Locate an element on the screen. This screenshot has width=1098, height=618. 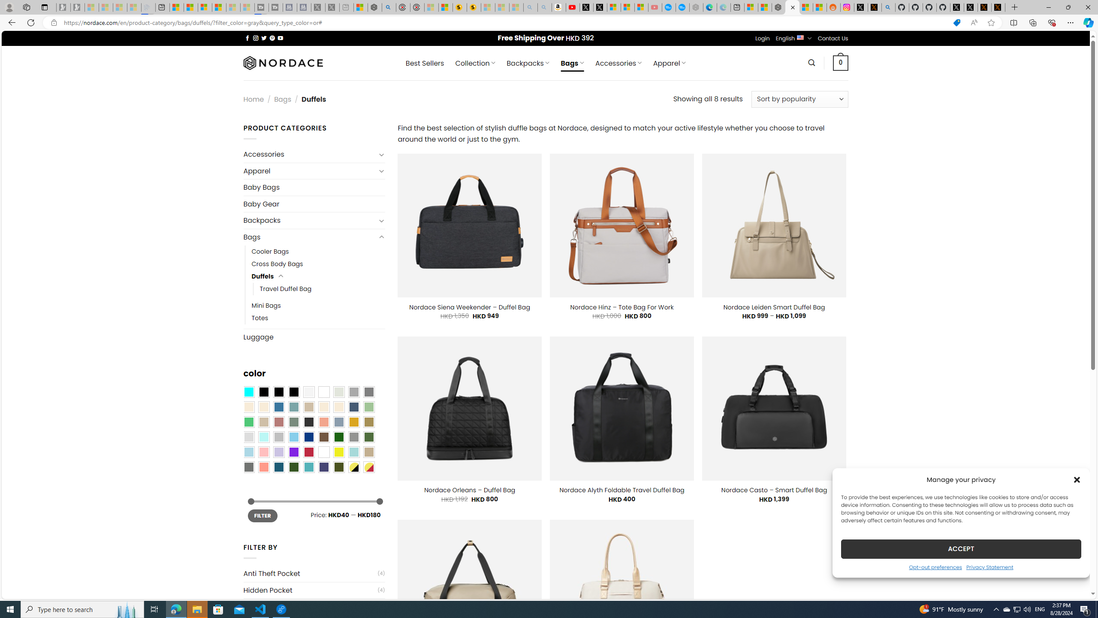
'Light Green' is located at coordinates (369, 406).